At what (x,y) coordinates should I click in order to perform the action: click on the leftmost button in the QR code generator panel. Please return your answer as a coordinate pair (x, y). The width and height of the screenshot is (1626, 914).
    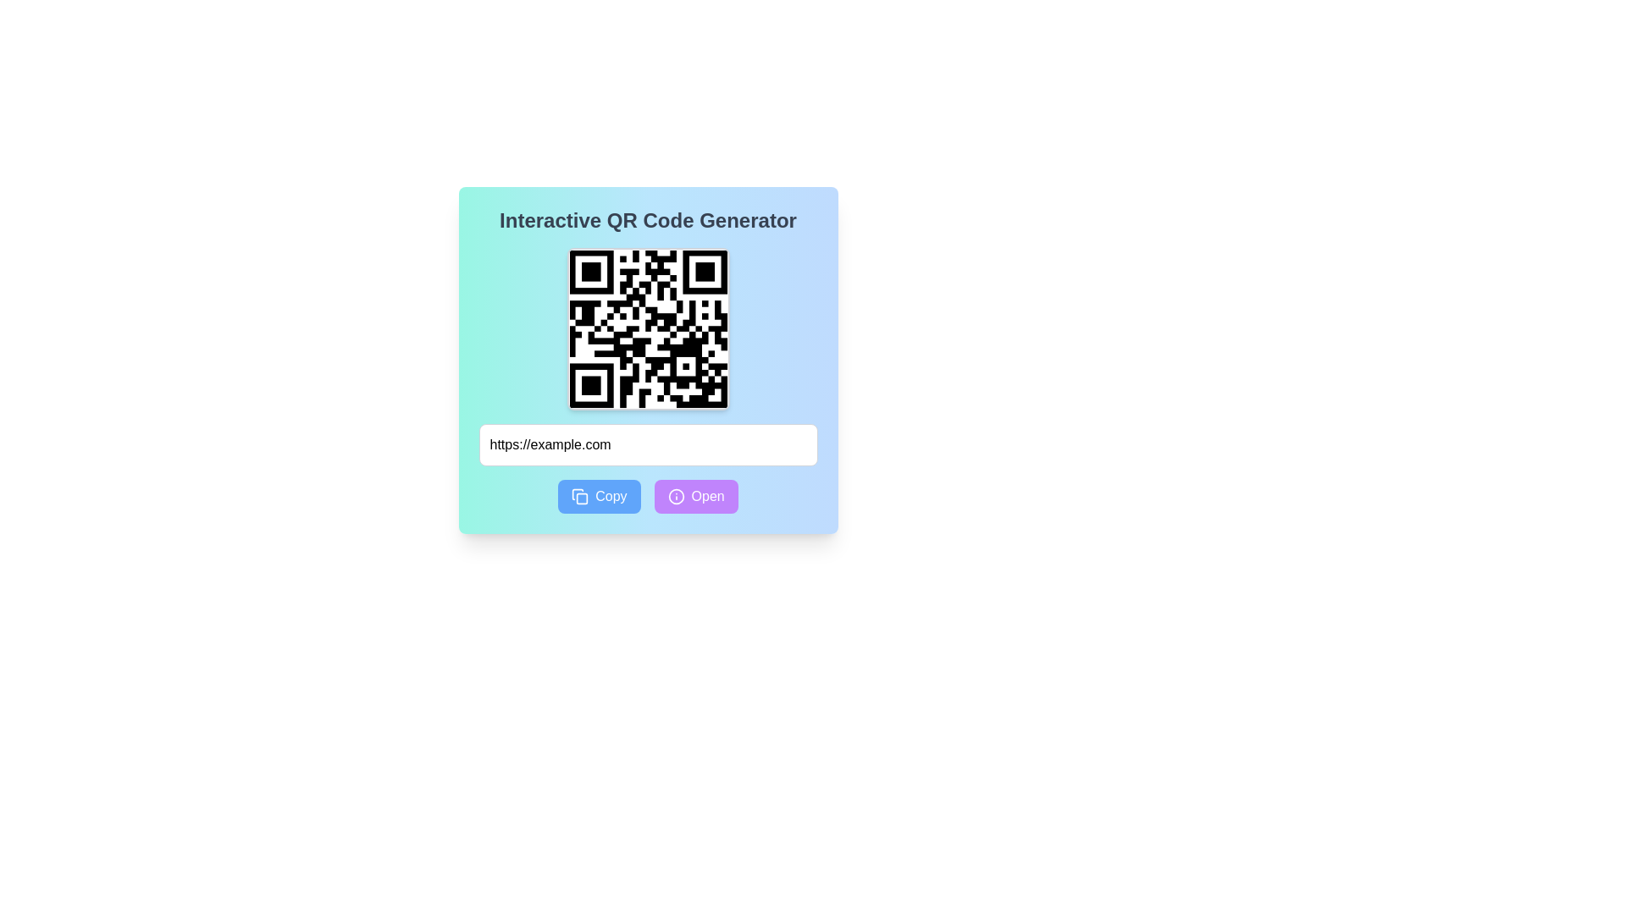
    Looking at the image, I should click on (599, 495).